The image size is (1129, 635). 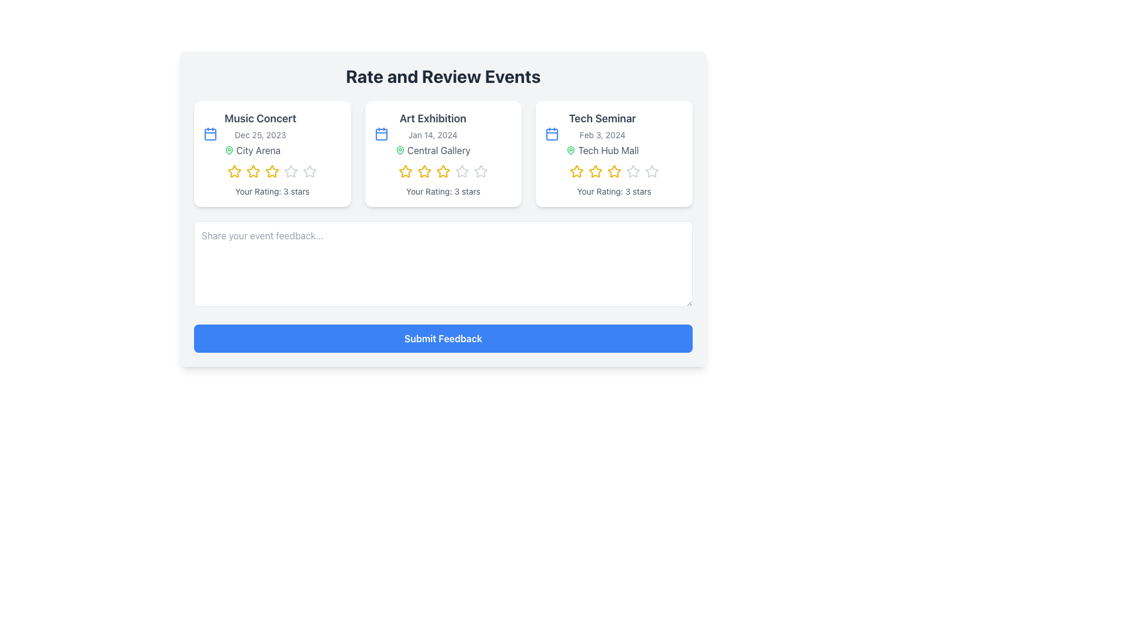 I want to click on the third star in the rating system of the 'Tech Seminar' event to update the rating, so click(x=595, y=172).